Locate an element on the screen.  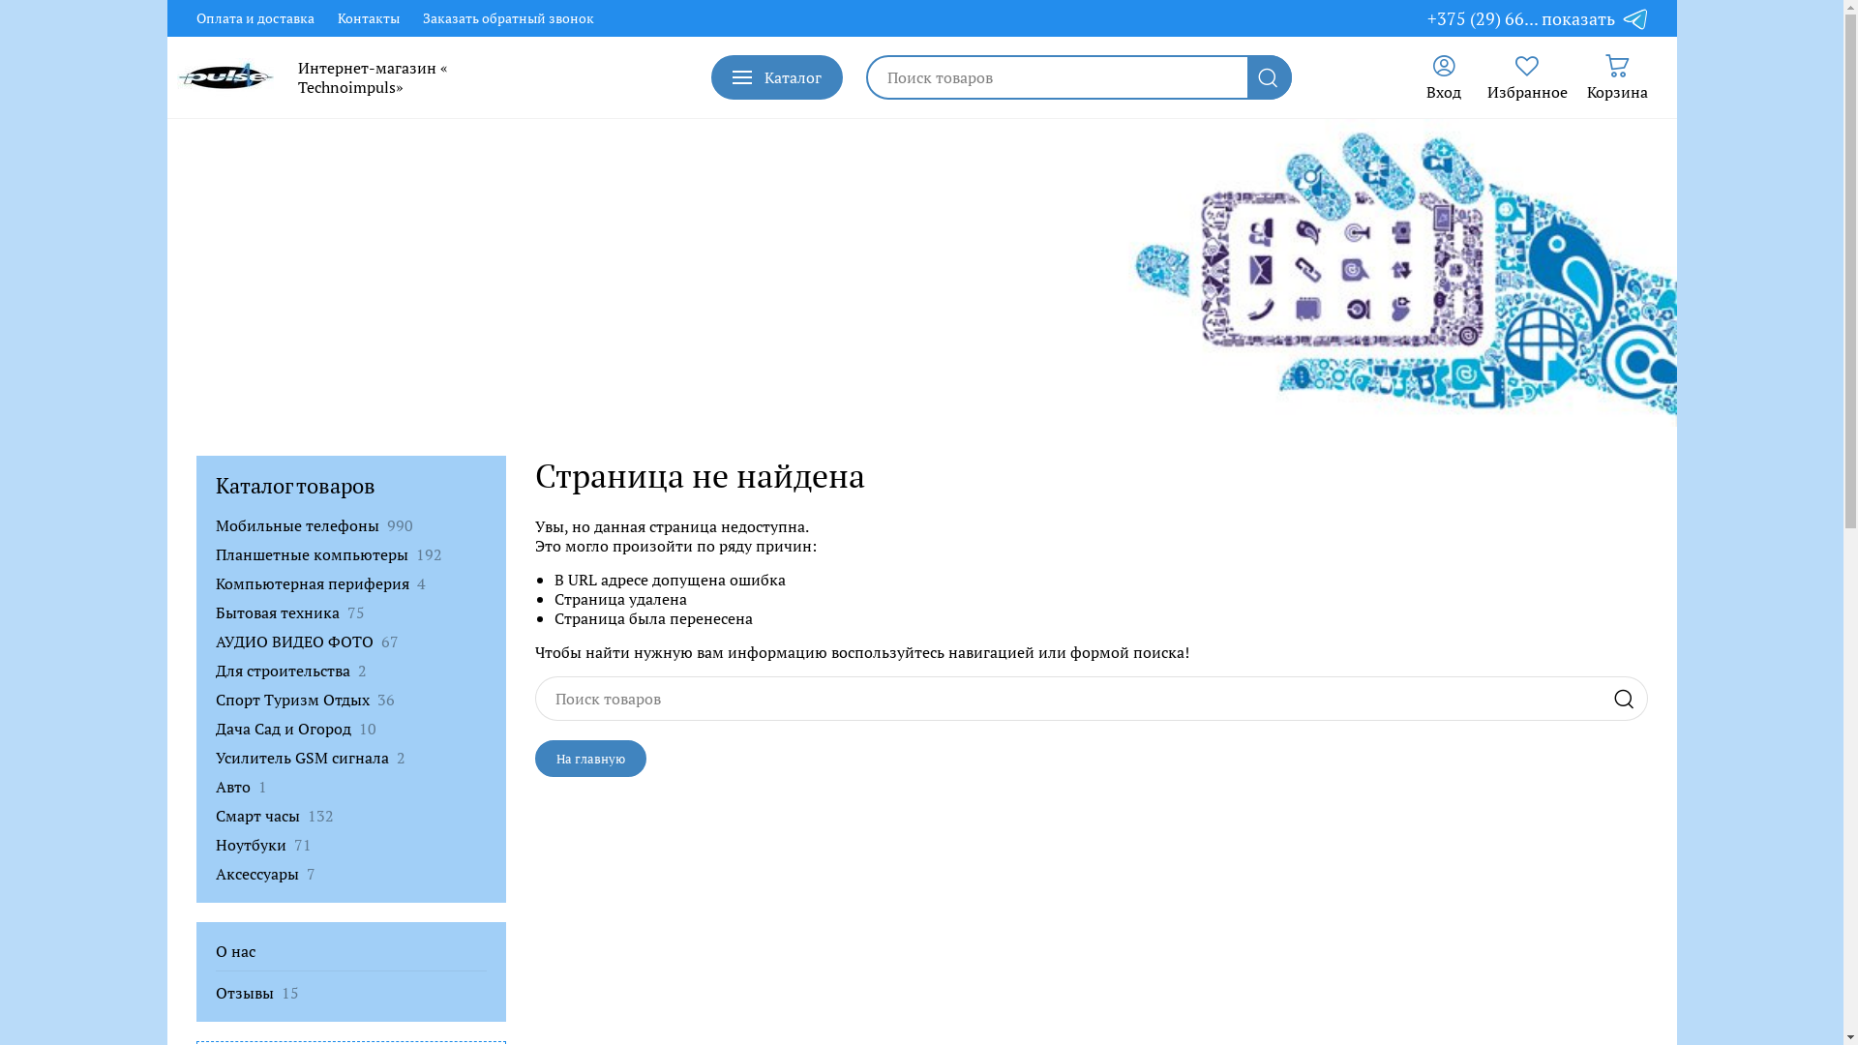
'Telegram' is located at coordinates (1633, 18).